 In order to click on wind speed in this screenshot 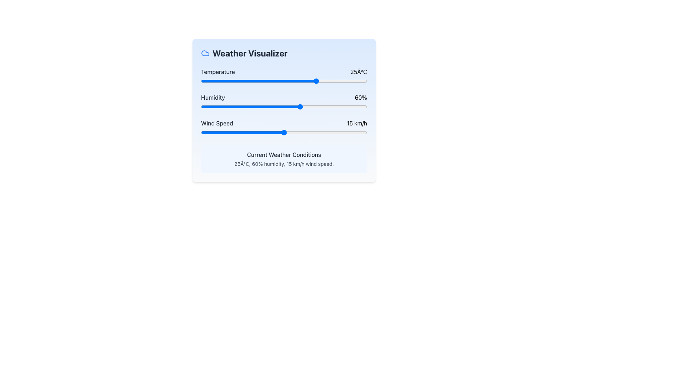, I will do `click(361, 132)`.